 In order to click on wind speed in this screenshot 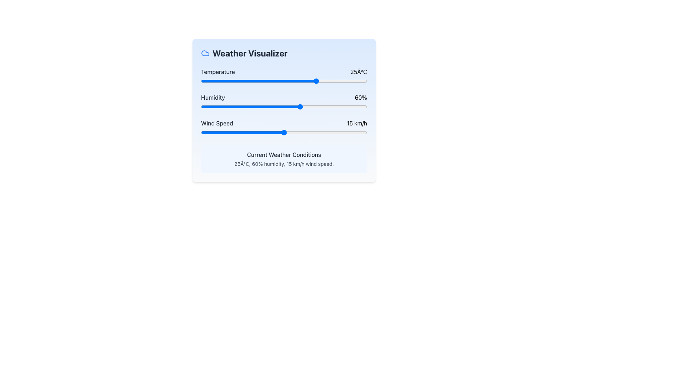, I will do `click(361, 132)`.